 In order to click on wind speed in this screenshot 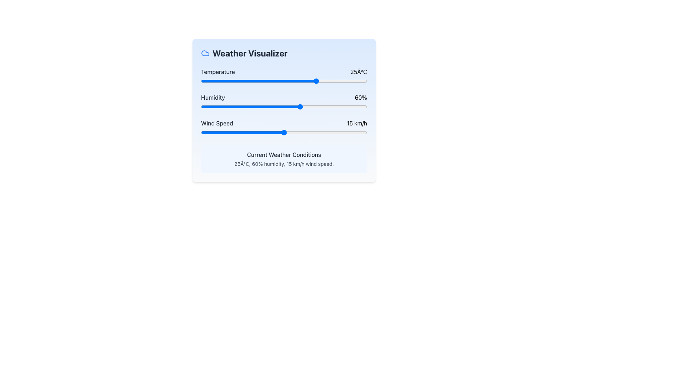, I will do `click(361, 132)`.